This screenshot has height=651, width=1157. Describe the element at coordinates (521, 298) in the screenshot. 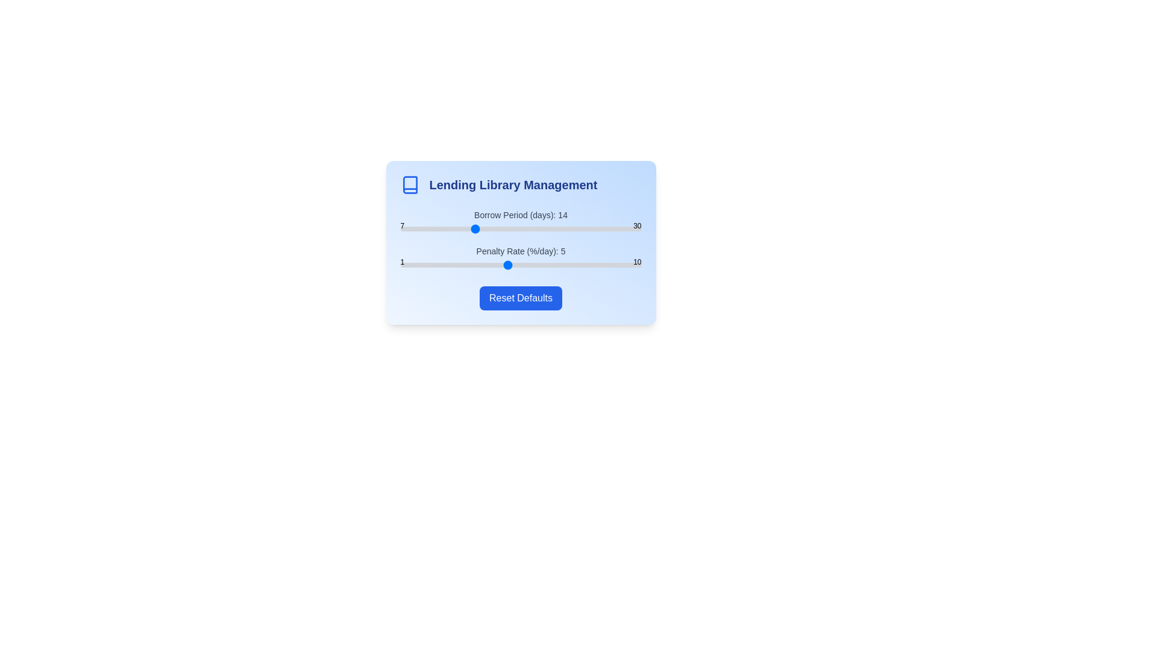

I see `'Reset Defaults' button to reset the sliders to their default values` at that location.